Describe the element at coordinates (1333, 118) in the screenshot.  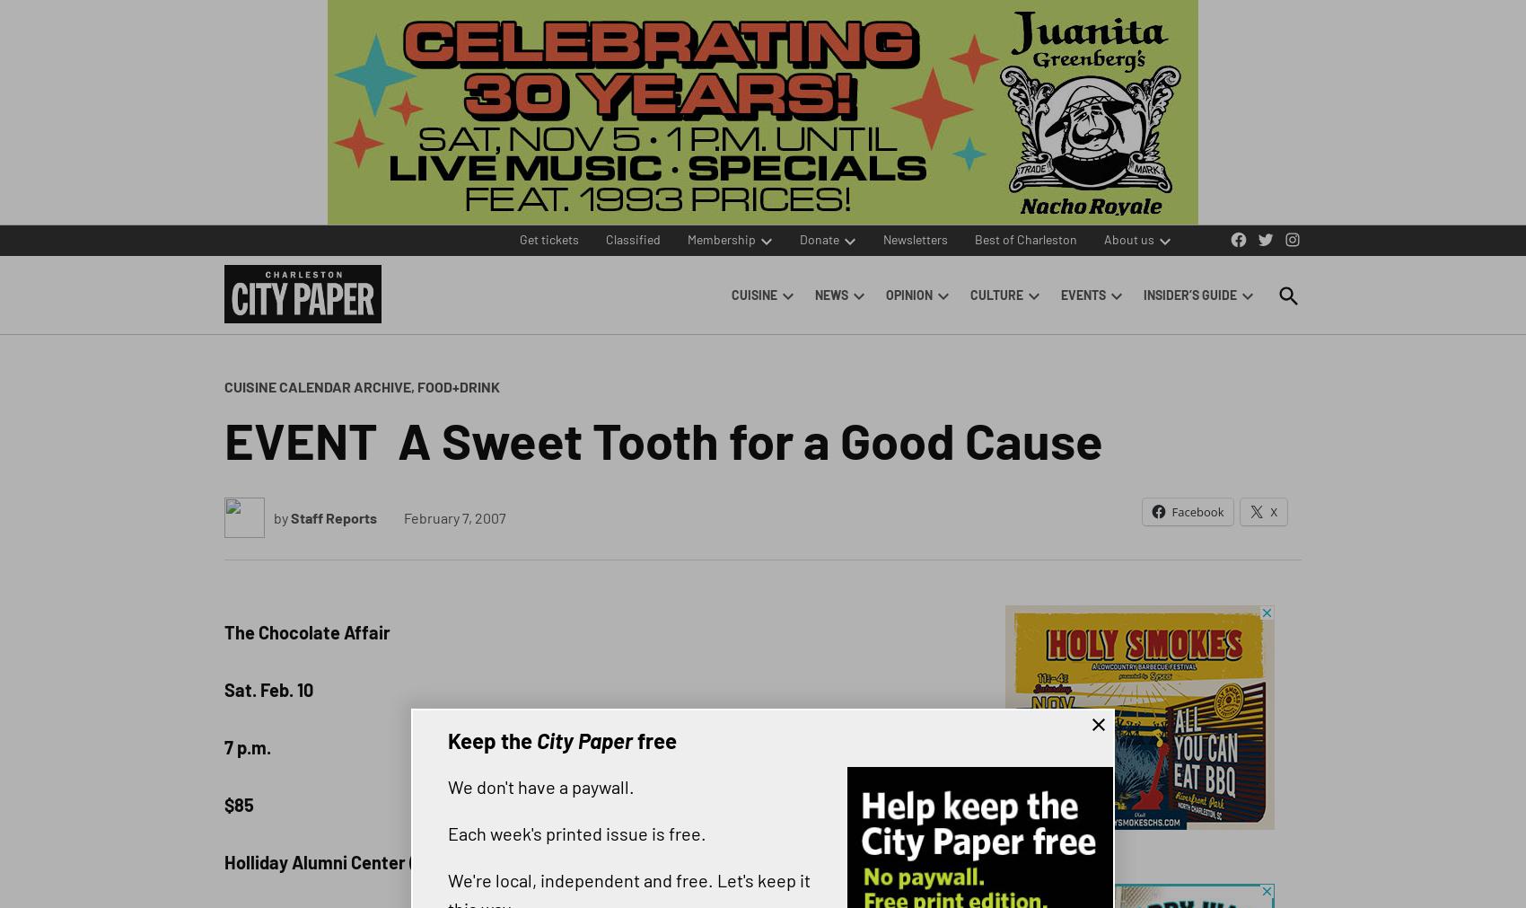
I see `'Newest'` at that location.